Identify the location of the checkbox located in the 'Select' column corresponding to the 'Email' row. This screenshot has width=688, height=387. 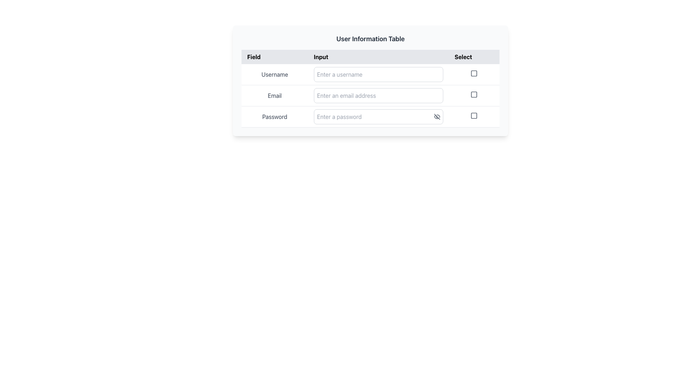
(474, 94).